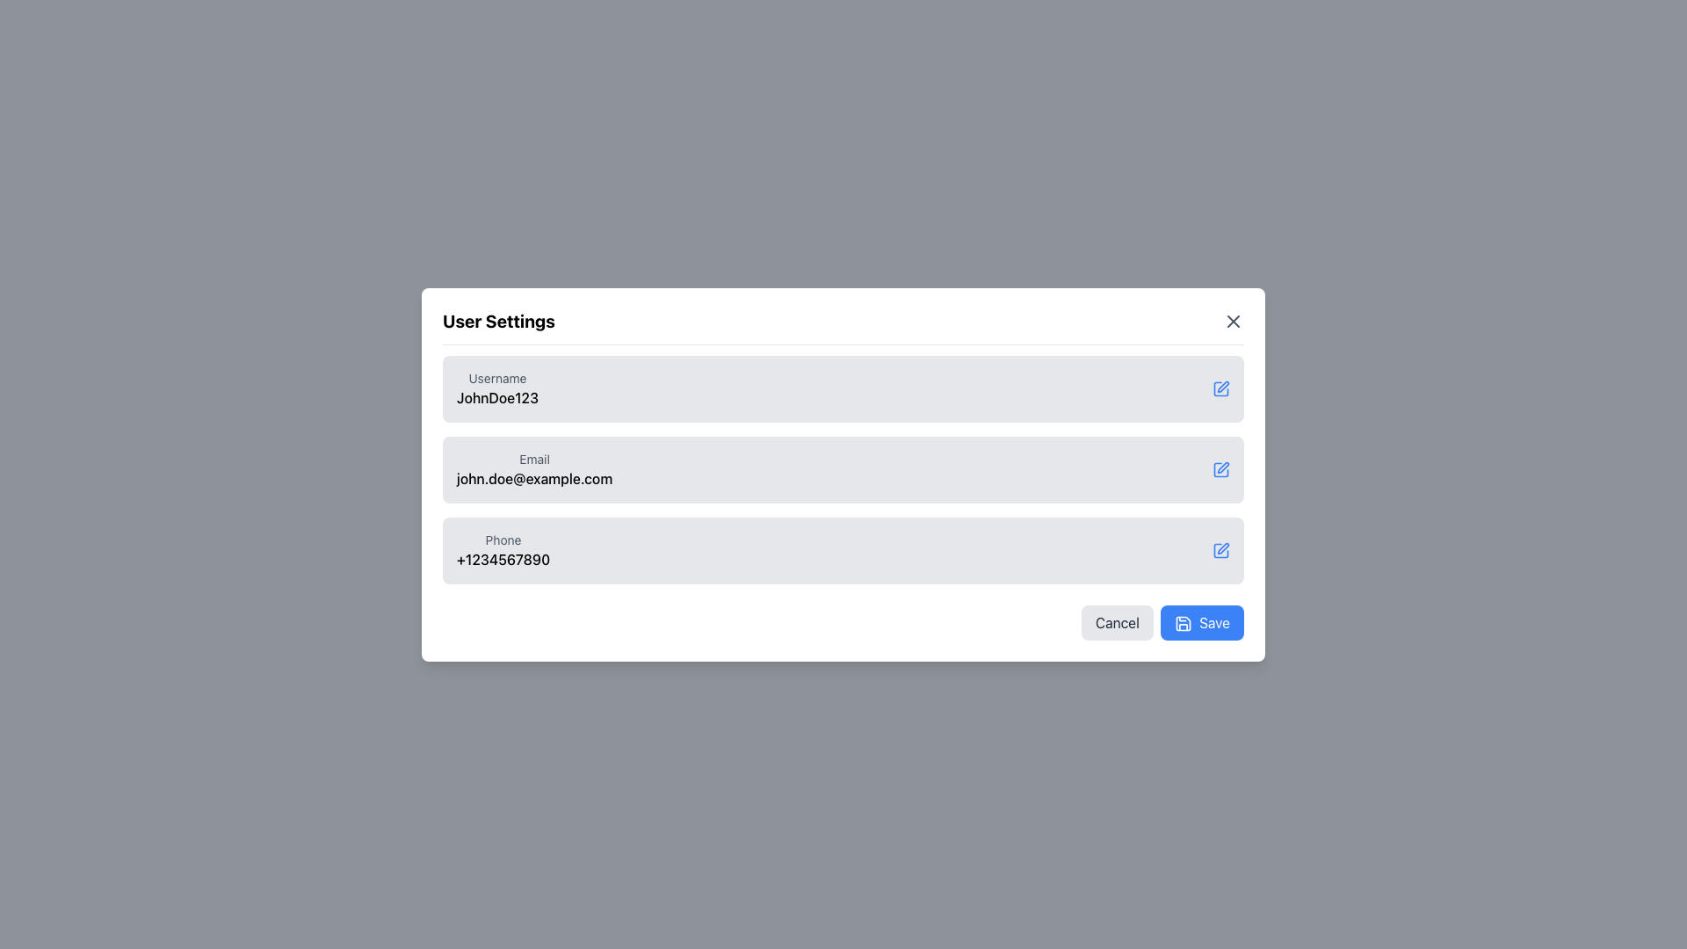  Describe the element at coordinates (1116, 621) in the screenshot. I see `the 'Cancel' button located in the bottom-right section of the modal interface` at that location.